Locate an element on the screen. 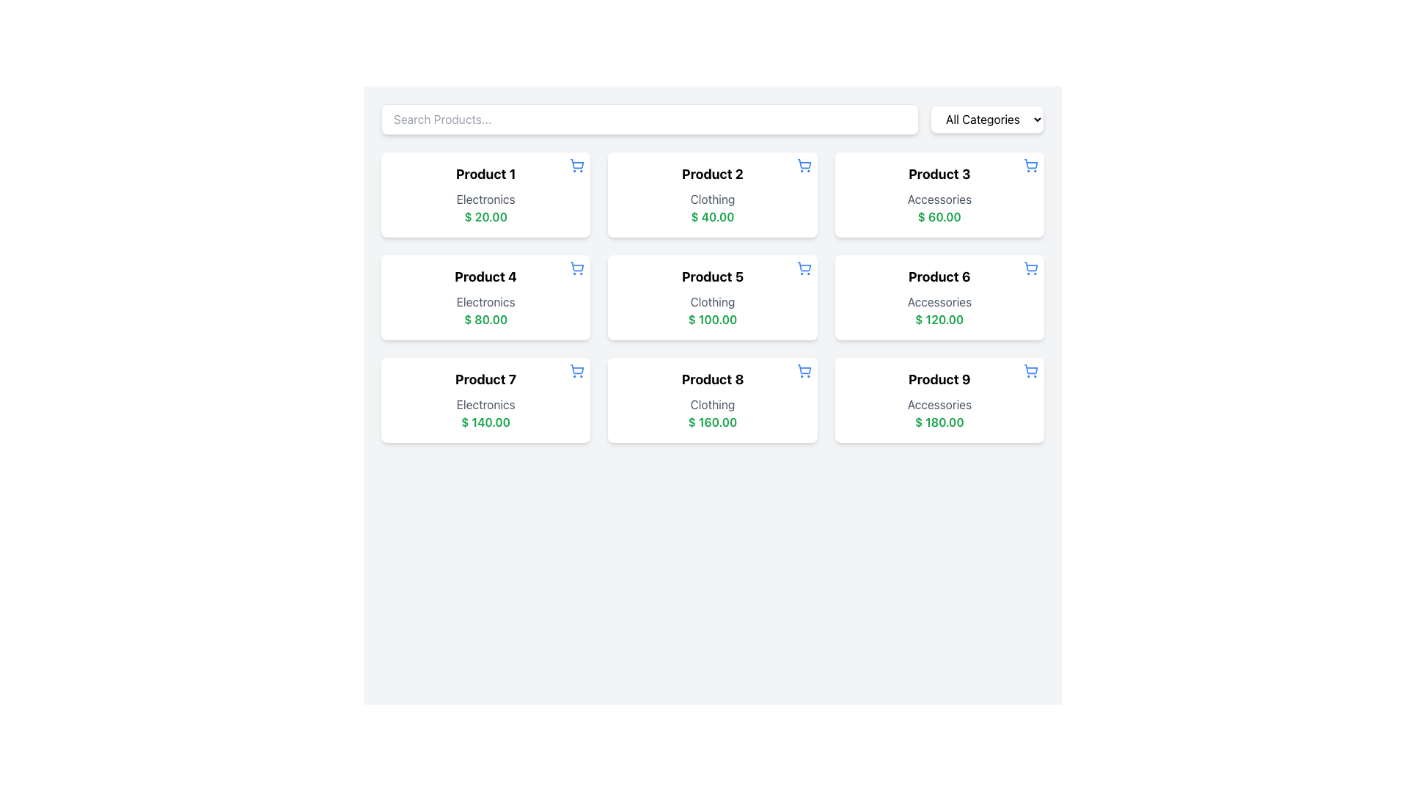 This screenshot has height=792, width=1408. the static text element displaying 'Clothing' which is located in the product card titled 'Product 5', situated between the title and the price value is located at coordinates (712, 301).